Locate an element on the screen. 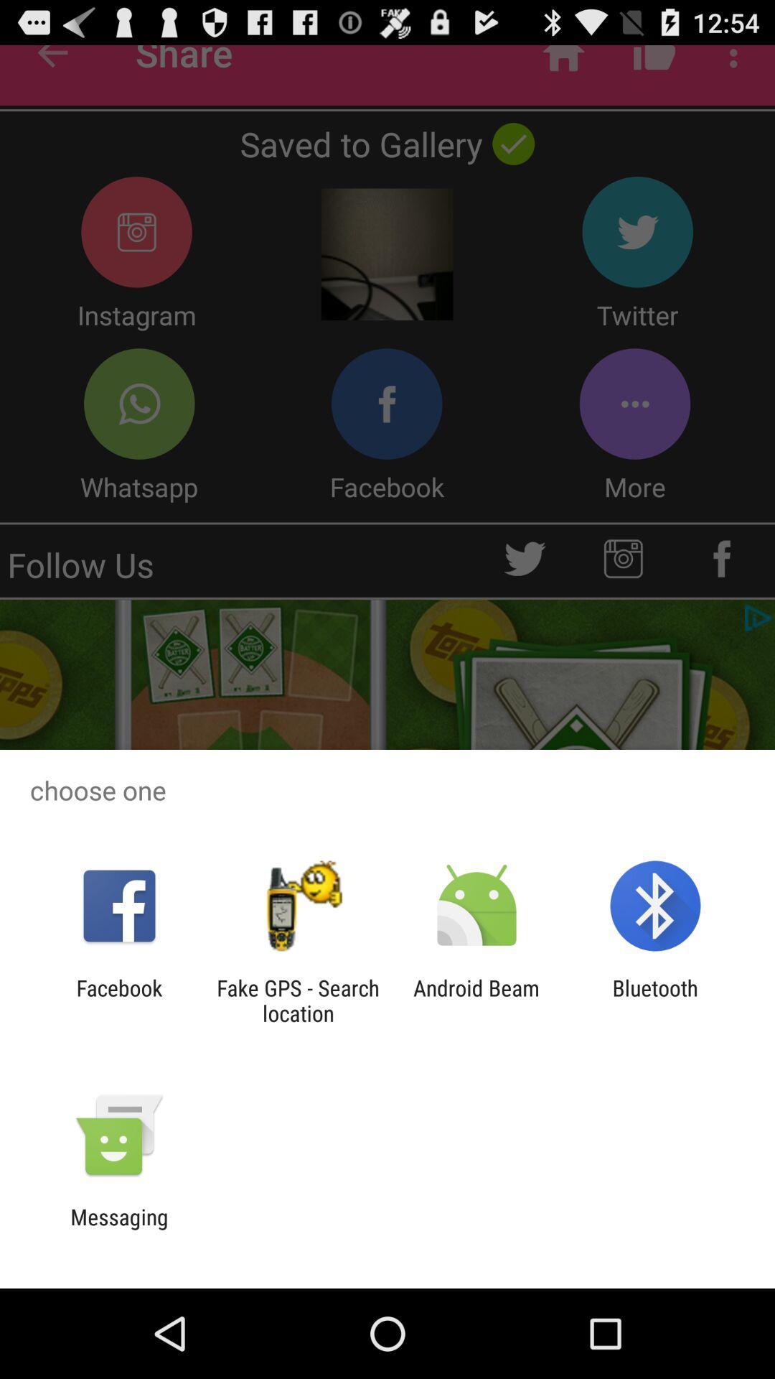  app next to android beam icon is located at coordinates (297, 1000).